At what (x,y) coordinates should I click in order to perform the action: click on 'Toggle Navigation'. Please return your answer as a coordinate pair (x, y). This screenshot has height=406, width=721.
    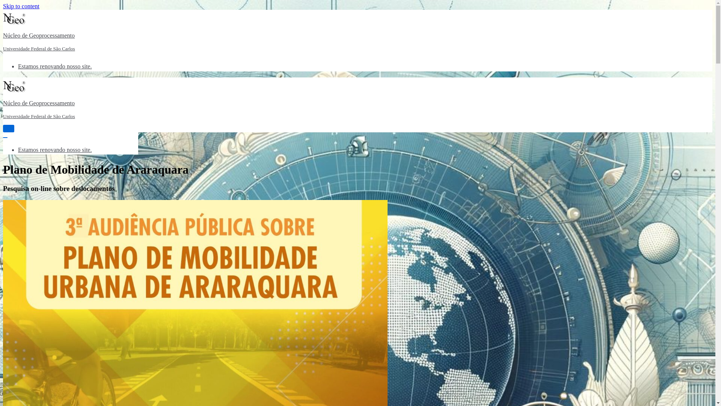
    Looking at the image, I should click on (9, 128).